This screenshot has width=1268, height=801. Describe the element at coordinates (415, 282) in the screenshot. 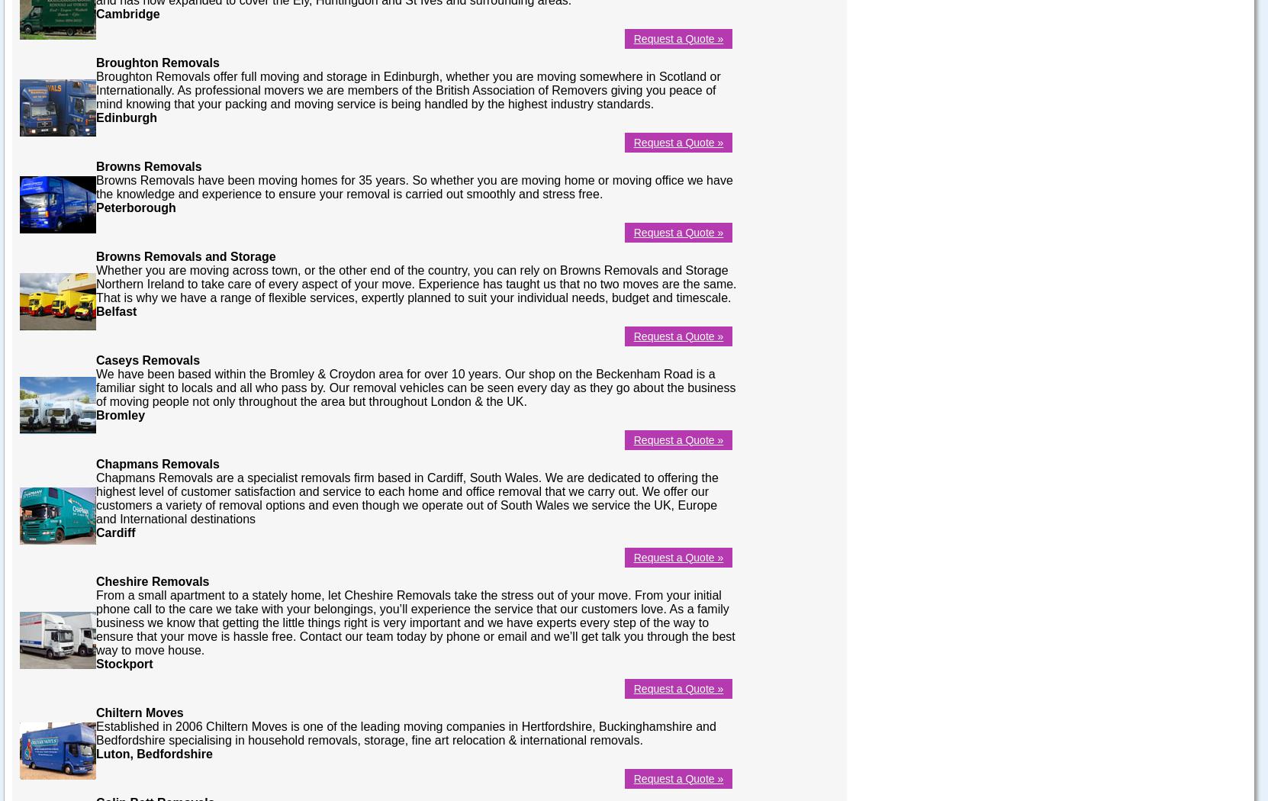

I see `'Whether you are moving across town, or the other end of the country, you can rely on Browns Removals and Storage Northern Ireland to take care of every aspect of your move. Experience has taught us that no two moves are the same. That is why we have a range of flexible services, expertly planned to suit your individual needs, budget and timescale.'` at that location.